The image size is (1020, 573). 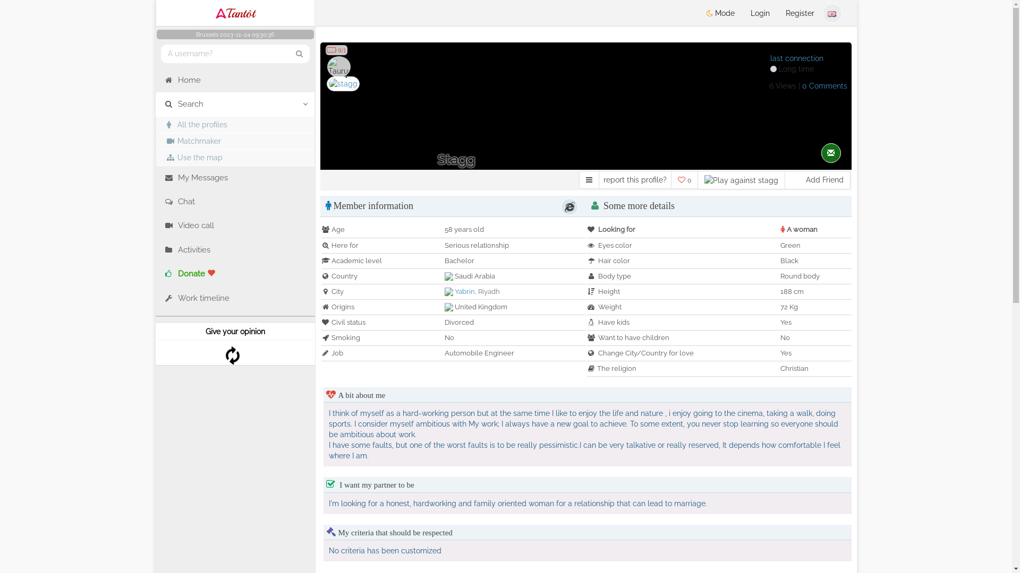 I want to click on 'Yabrin', so click(x=464, y=291).